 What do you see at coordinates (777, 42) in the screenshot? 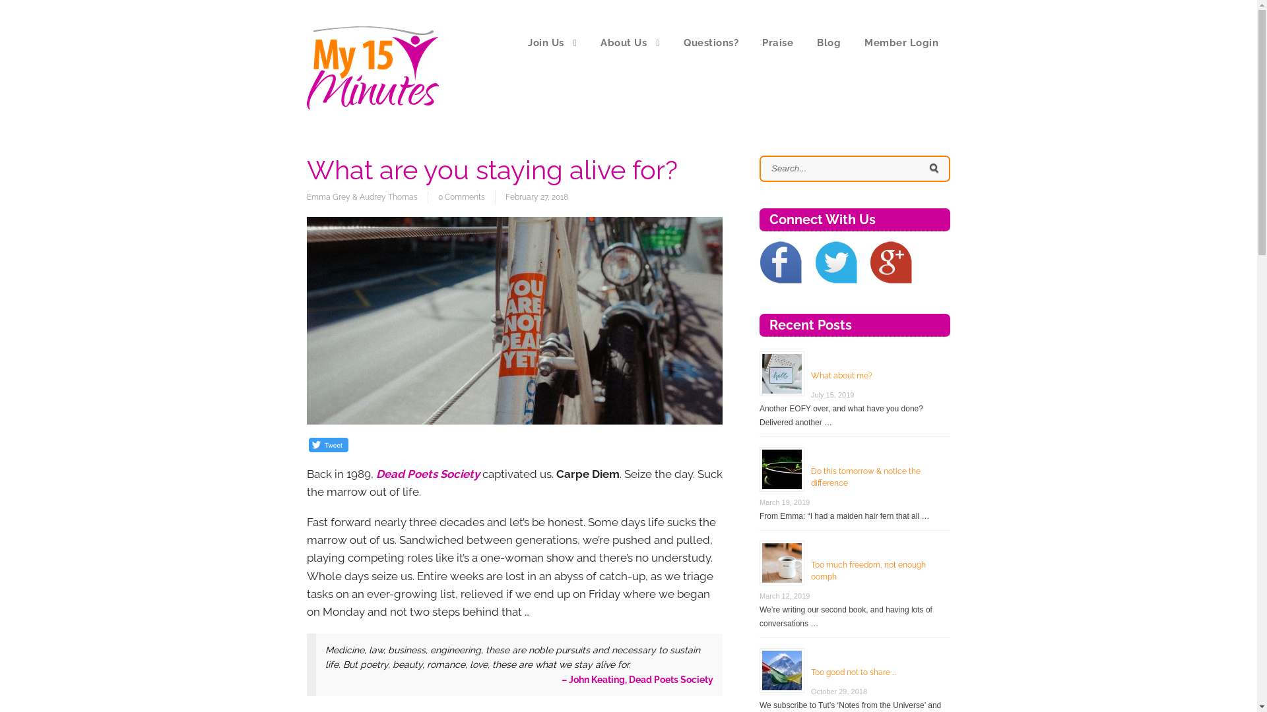
I see `'Praise'` at bounding box center [777, 42].